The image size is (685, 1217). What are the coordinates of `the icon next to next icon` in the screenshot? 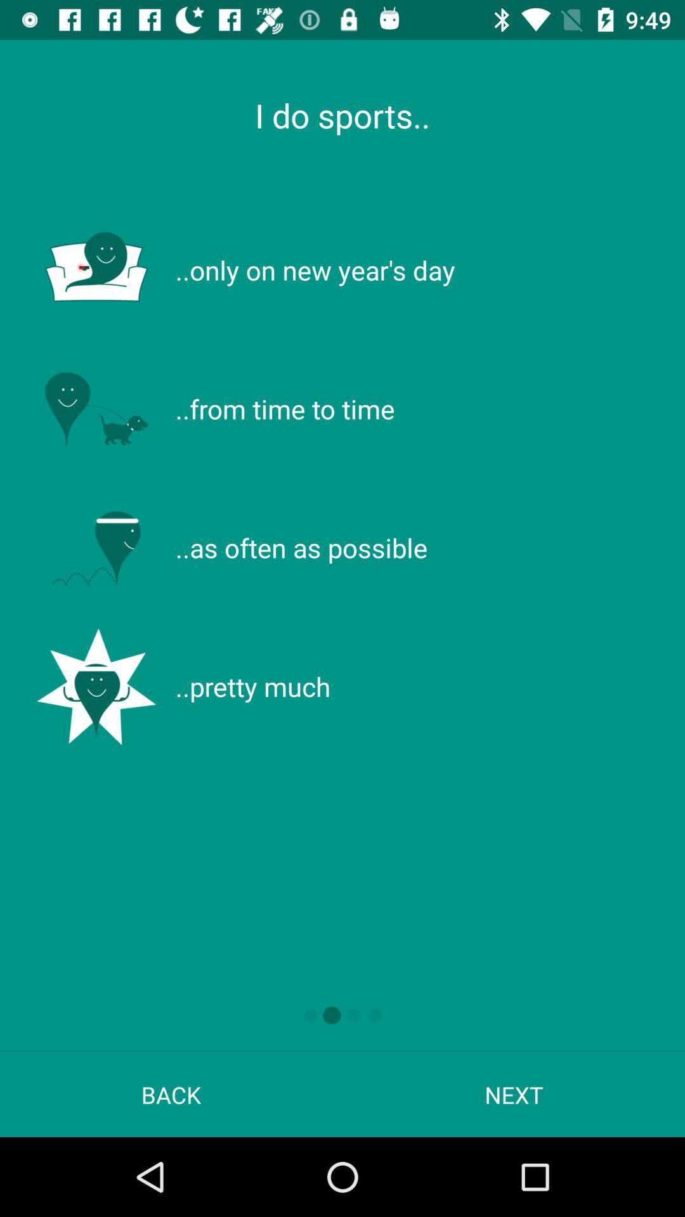 It's located at (171, 1094).